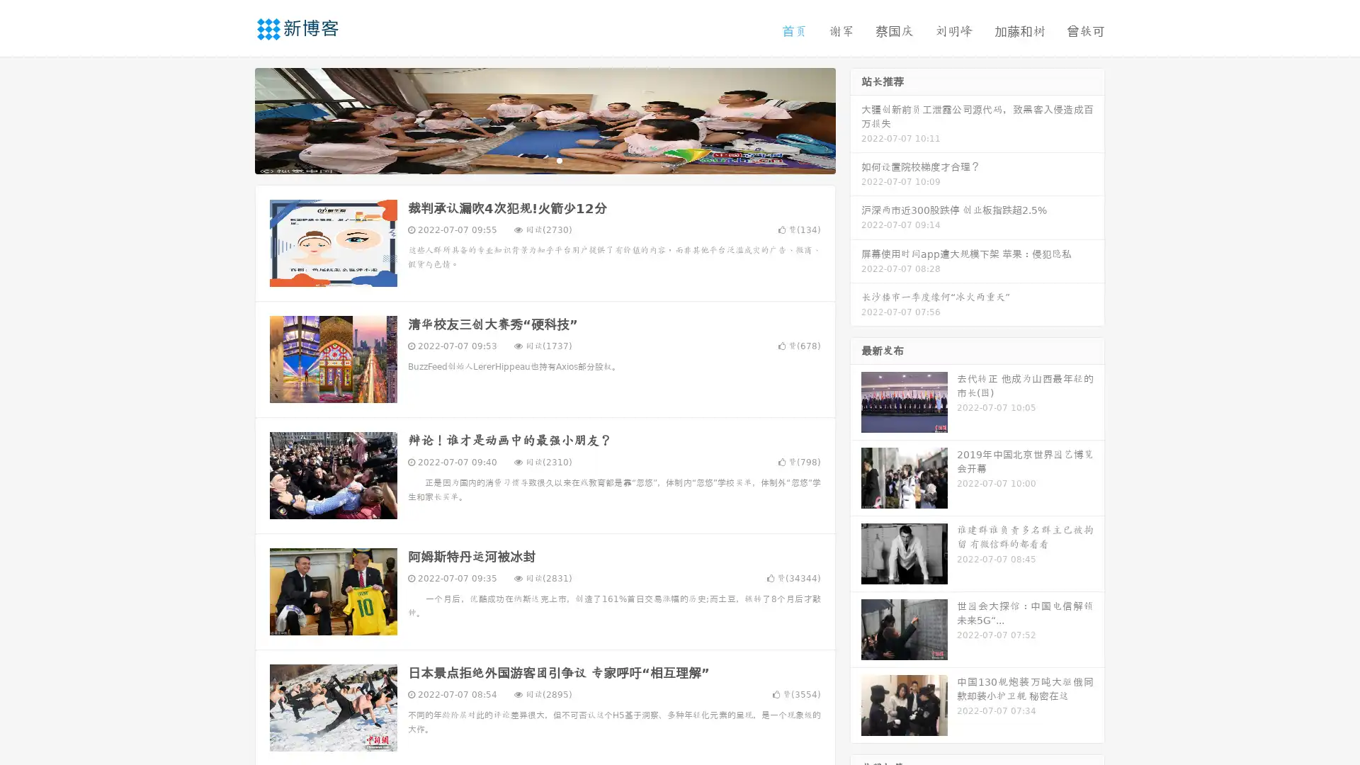  I want to click on Go to slide 2, so click(544, 159).